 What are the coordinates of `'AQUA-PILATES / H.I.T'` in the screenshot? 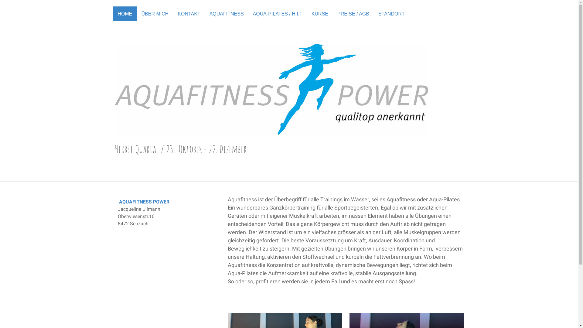 It's located at (277, 14).